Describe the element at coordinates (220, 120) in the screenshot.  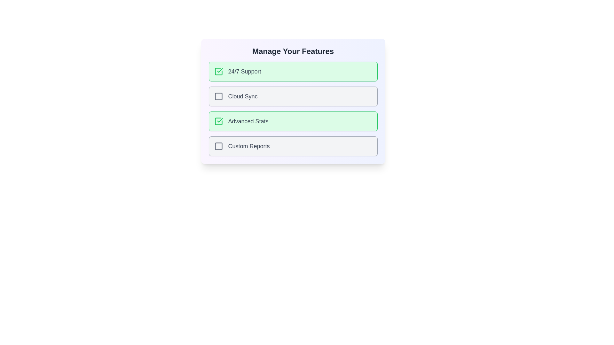
I see `the checkmark icon indicating that the '24/7 Support' feature is activated, located within the highlighted rectangular section at the top of the vertical stack of features` at that location.